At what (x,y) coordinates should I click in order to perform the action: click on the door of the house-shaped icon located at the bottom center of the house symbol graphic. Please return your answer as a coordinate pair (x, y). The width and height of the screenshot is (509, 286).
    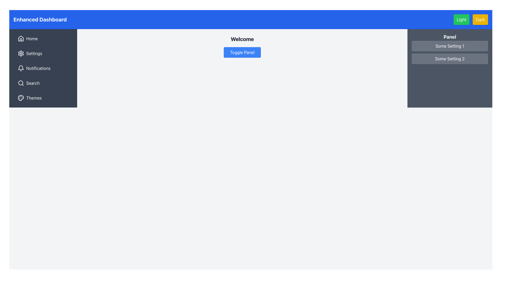
    Looking at the image, I should click on (21, 39).